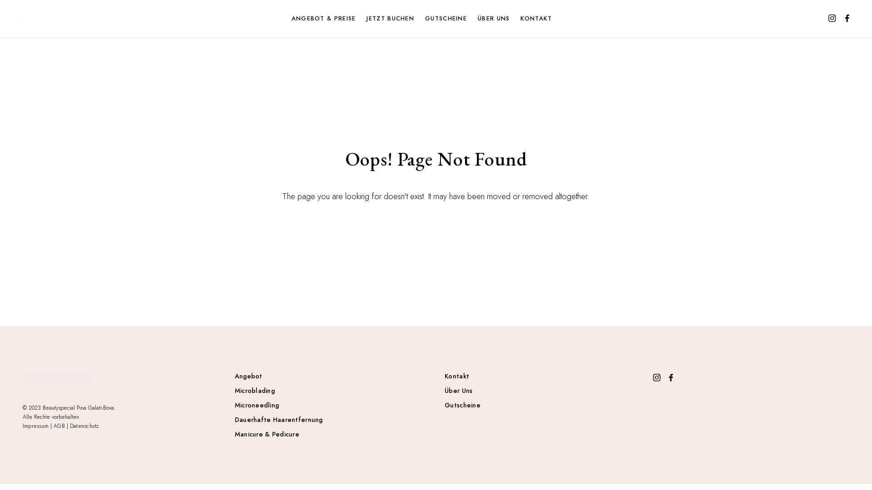  I want to click on 'JETZT BUCHEN', so click(394, 19).